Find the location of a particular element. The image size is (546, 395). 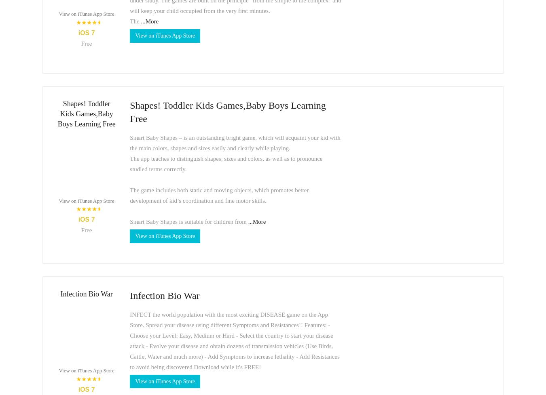

'The game includes both static and moving objects, which promotes better development of kid’s coordination and fine motor skills.' is located at coordinates (219, 195).